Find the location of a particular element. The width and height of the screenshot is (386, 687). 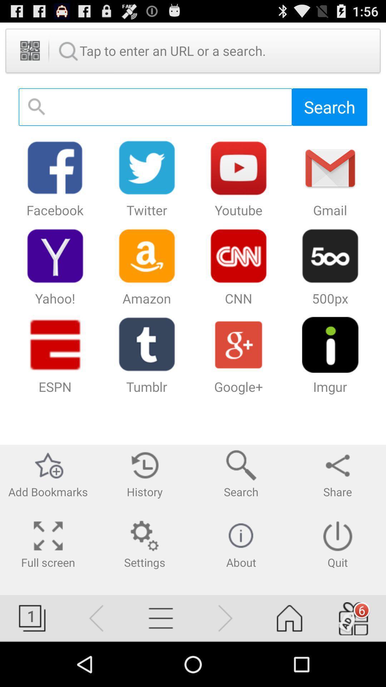

the arrow_backward icon is located at coordinates (96, 661).